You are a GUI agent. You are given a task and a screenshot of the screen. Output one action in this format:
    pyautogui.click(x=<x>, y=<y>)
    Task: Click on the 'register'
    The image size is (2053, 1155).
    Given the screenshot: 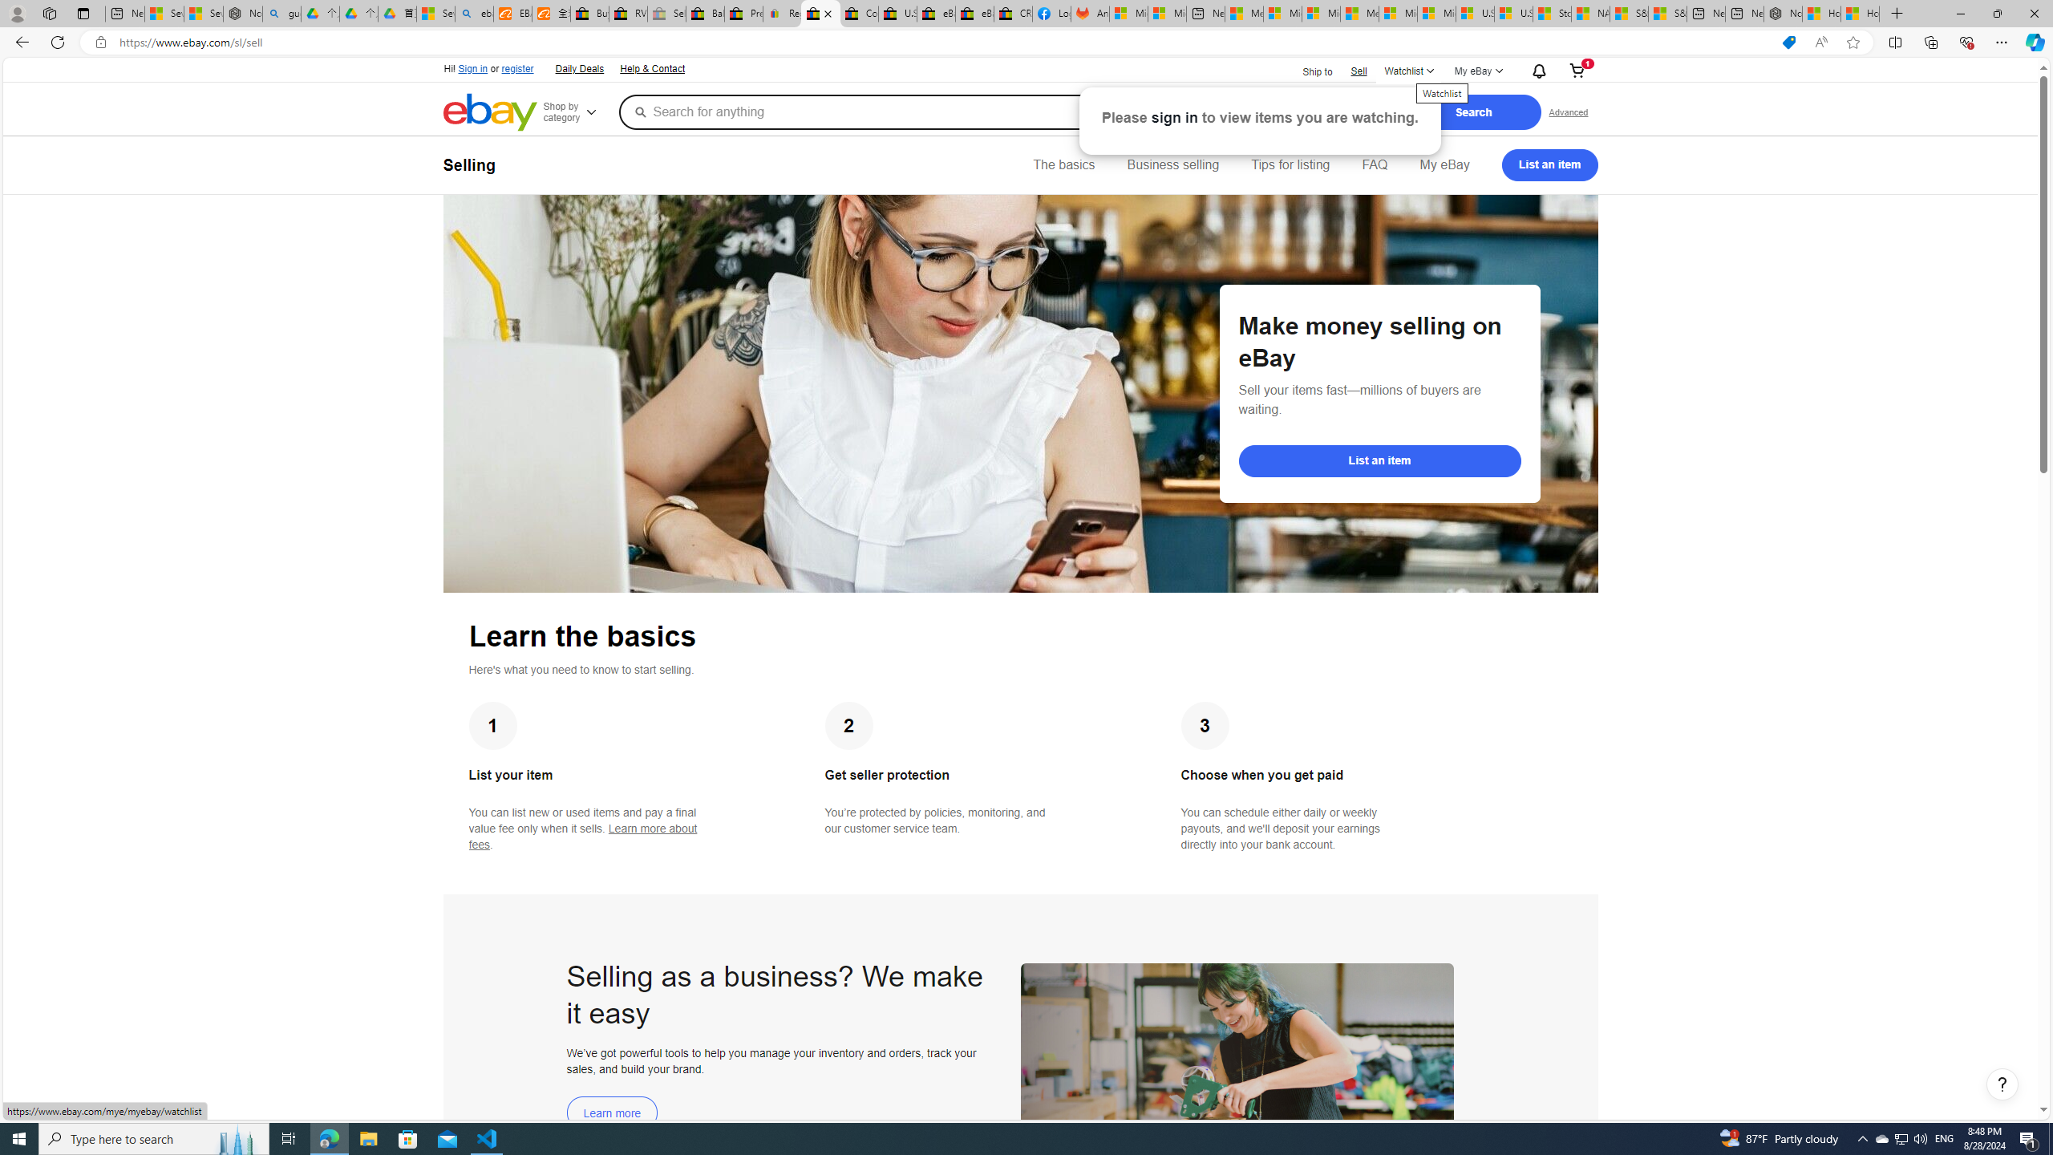 What is the action you would take?
    pyautogui.click(x=516, y=68)
    